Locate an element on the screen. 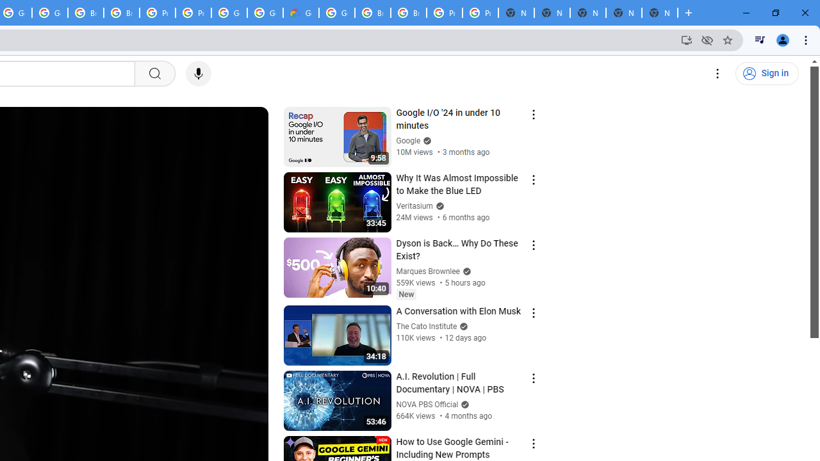  'New' is located at coordinates (406, 294).